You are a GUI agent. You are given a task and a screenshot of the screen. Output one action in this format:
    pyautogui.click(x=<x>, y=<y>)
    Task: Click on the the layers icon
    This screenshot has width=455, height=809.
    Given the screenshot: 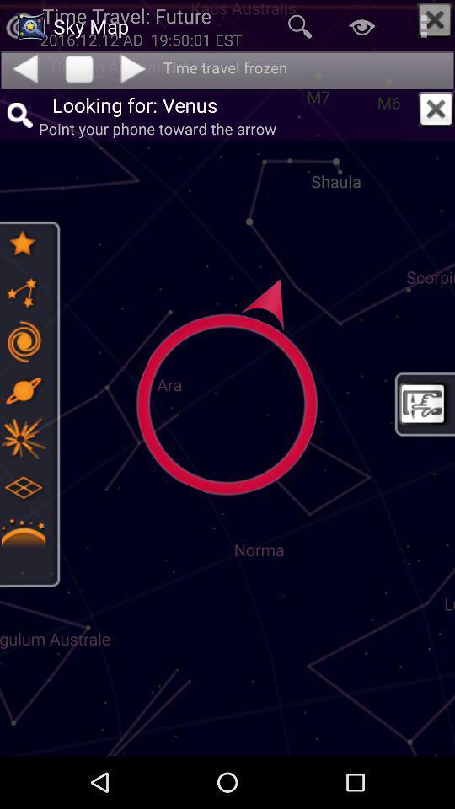 What is the action you would take?
    pyautogui.click(x=22, y=487)
    